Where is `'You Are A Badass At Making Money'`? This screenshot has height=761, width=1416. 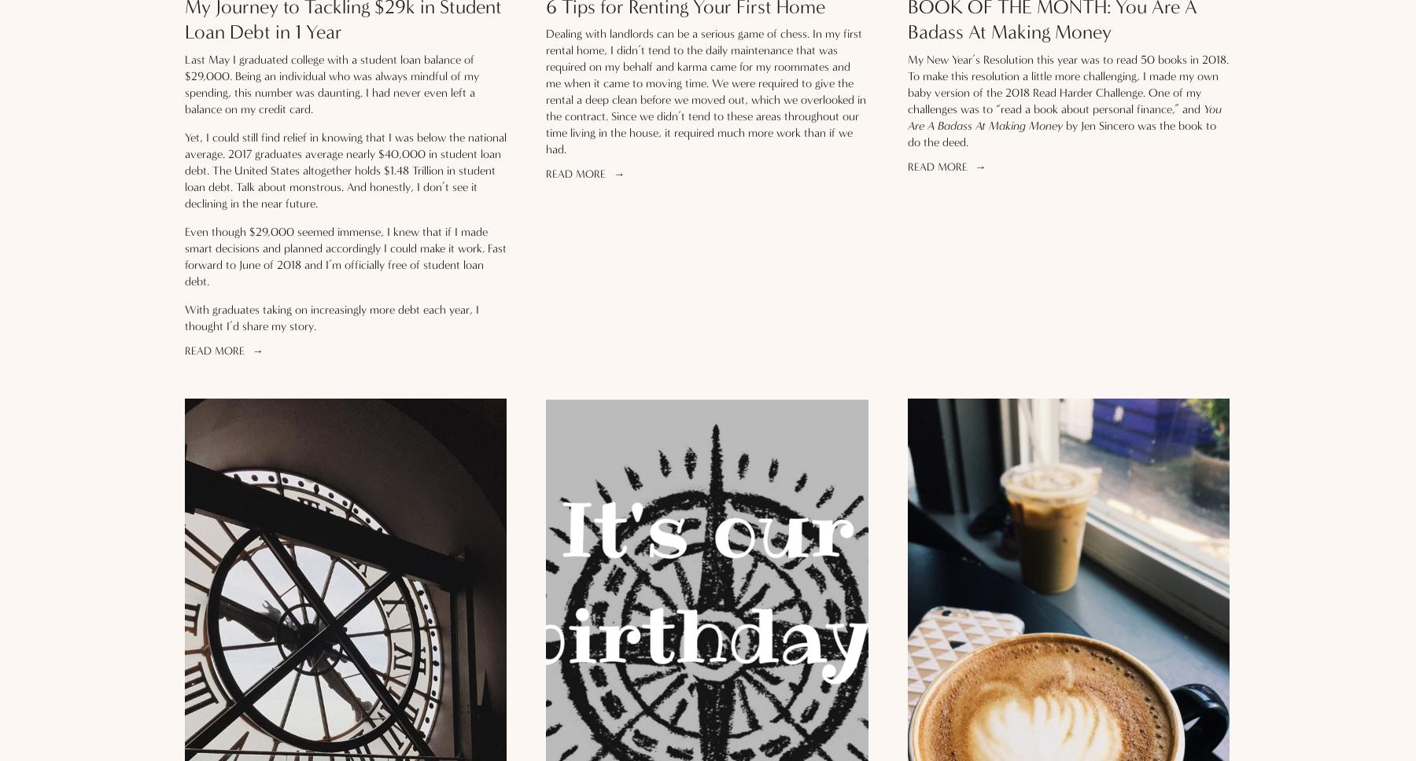 'You Are A Badass At Making Money' is located at coordinates (1063, 116).